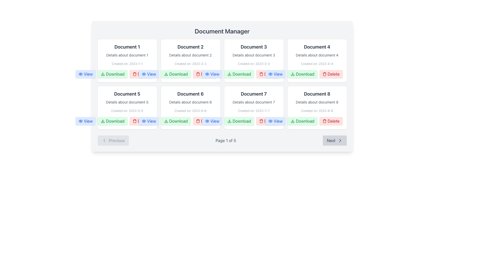 The width and height of the screenshot is (490, 276). I want to click on the 'View' button with a blue background and eye-shaped icon, so click(149, 121).